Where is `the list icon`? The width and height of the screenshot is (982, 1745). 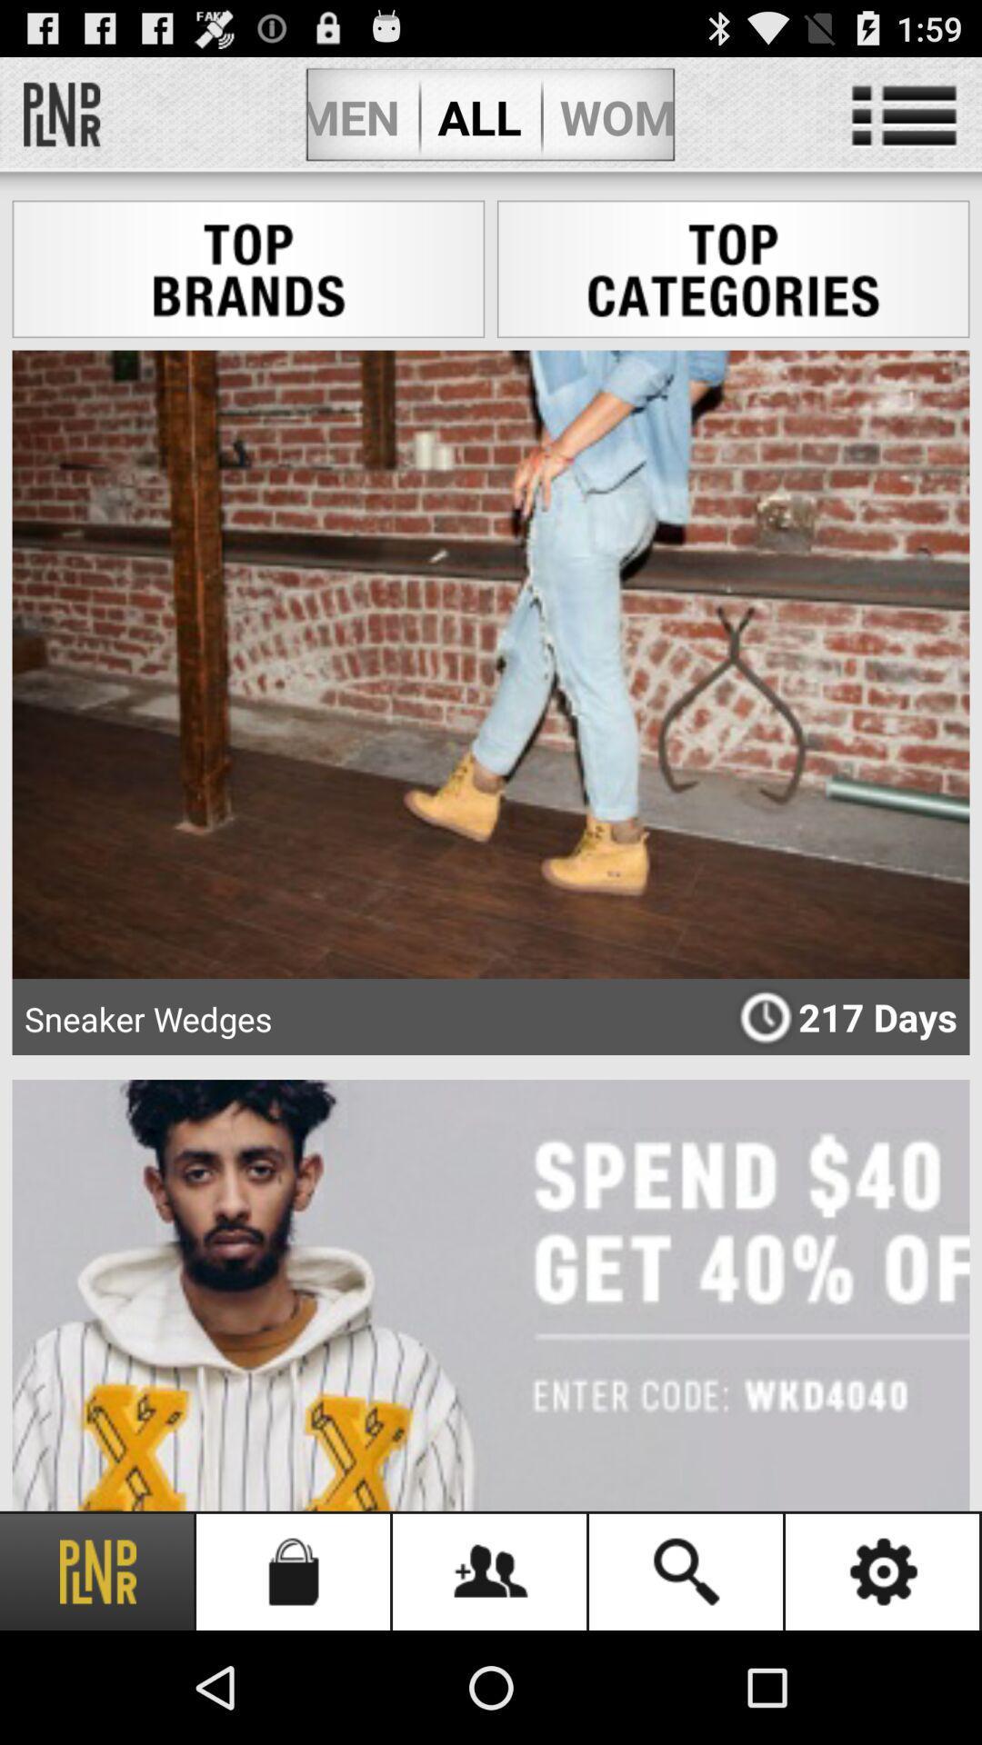
the list icon is located at coordinates (904, 124).